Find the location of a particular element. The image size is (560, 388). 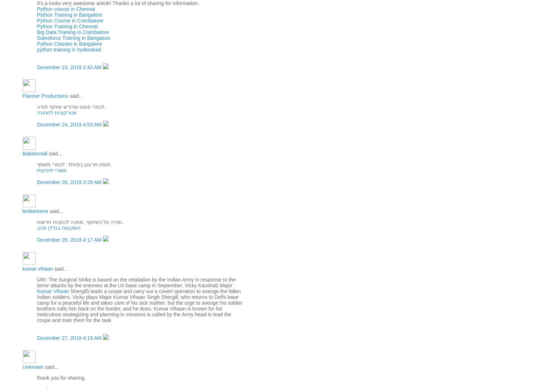

'Unknown' is located at coordinates (22, 366).